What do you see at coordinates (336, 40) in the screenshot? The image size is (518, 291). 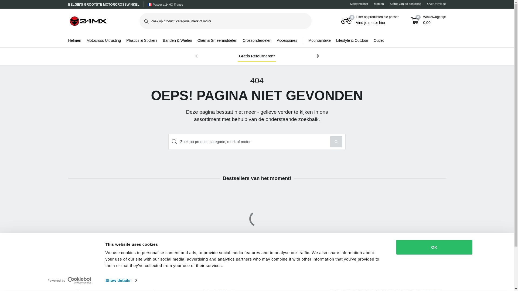 I see `'Lifestyle & Outdoor'` at bounding box center [336, 40].